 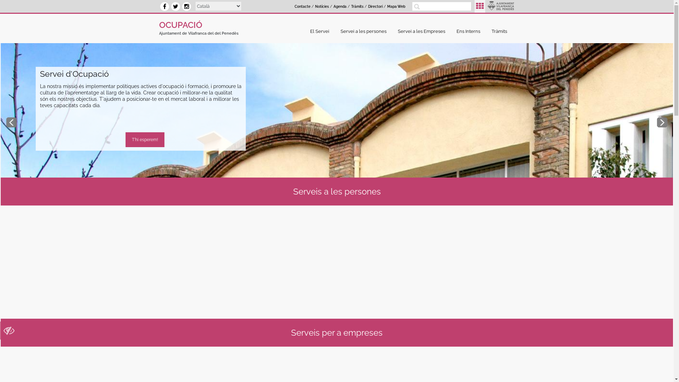 What do you see at coordinates (365, 31) in the screenshot?
I see `'Servei a les persones'` at bounding box center [365, 31].